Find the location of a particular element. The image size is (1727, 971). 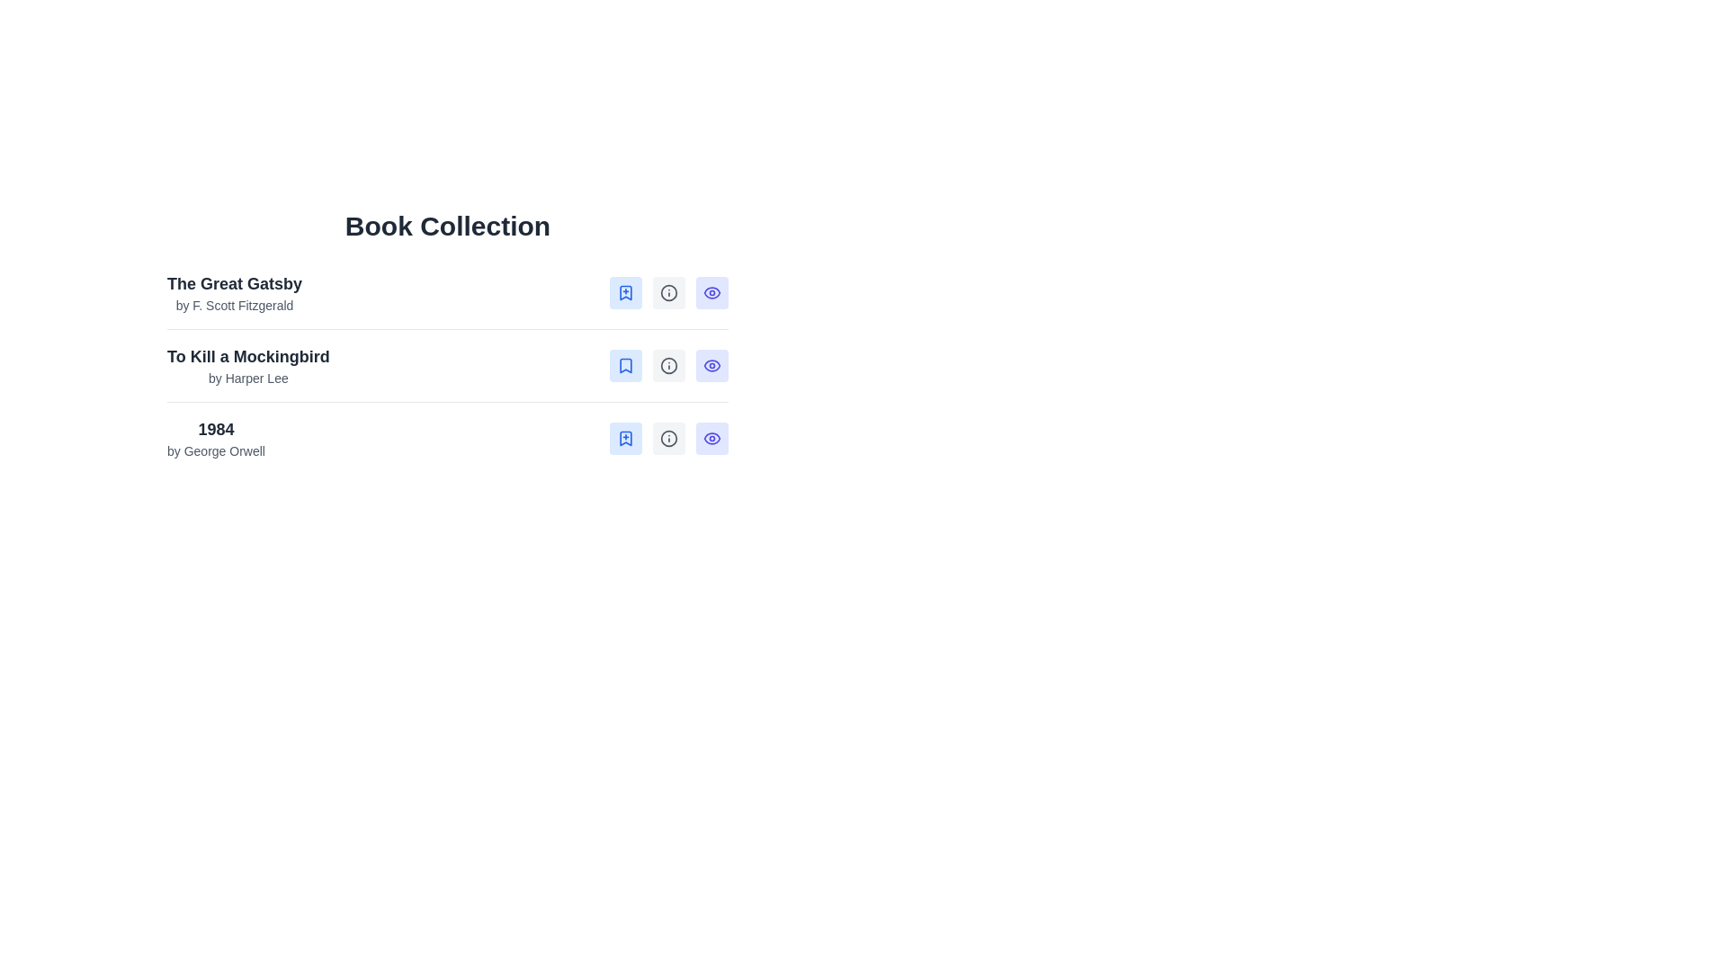

the blue bookmark icon on the right side of the row for the book '1984' by George Orwell is located at coordinates (626, 439).